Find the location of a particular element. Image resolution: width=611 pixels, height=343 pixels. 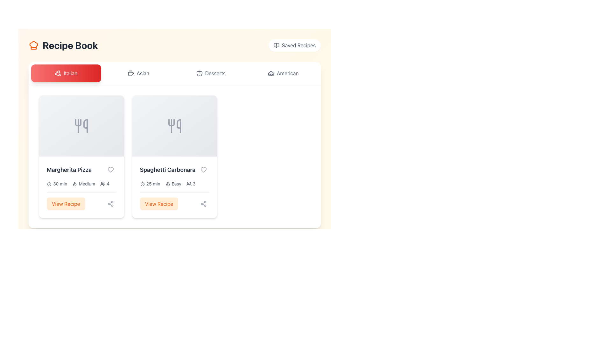

the 'View Recipe' button with a rounded rectangular shape and an orange background located at the bottom of the 'Spaghetti Carbonara' card to observe any tooltip or visual feedback is located at coordinates (159, 204).